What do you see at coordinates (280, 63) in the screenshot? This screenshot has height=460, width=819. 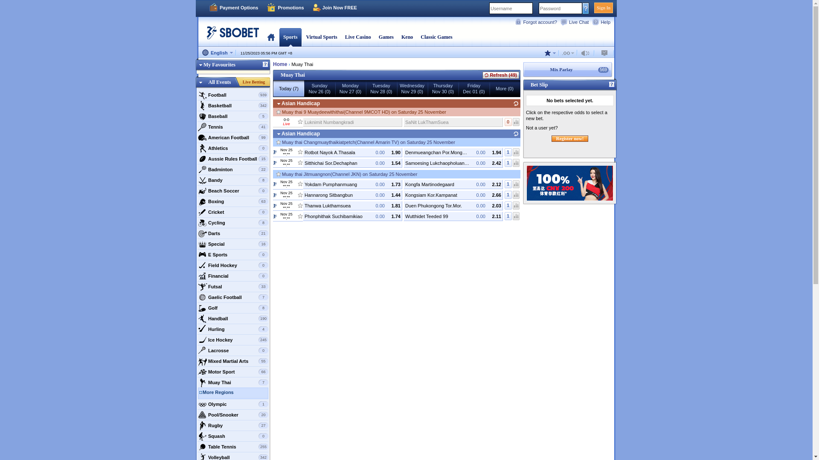 I see `'Home'` at bounding box center [280, 63].